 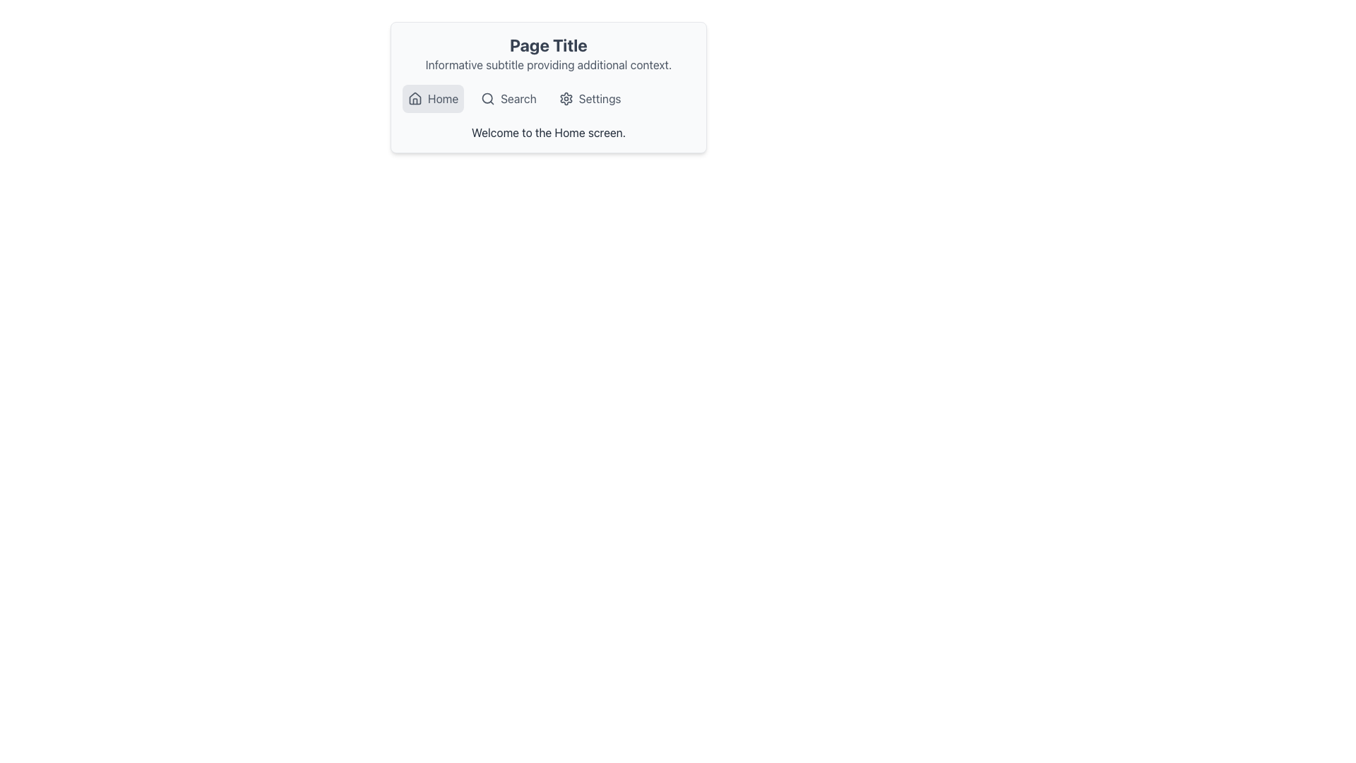 I want to click on the 'Settings' button, which is the third button in the horizontal row under the heading, styled in light gray with a gear icon on the left, so click(x=590, y=97).